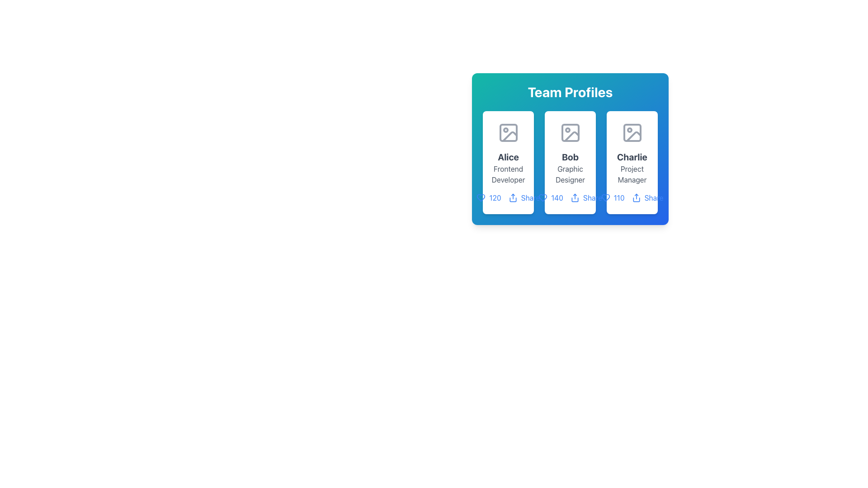  What do you see at coordinates (481, 197) in the screenshot?
I see `the blue outlined heart icon located under the '120' count in Alice's profile card to like or favorite the profile` at bounding box center [481, 197].